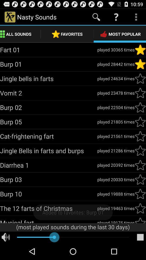 The image size is (146, 260). Describe the element at coordinates (140, 64) in the screenshot. I see `as favorite` at that location.